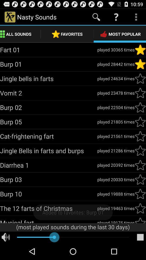 The image size is (146, 260). Describe the element at coordinates (140, 64) in the screenshot. I see `as favorite` at that location.